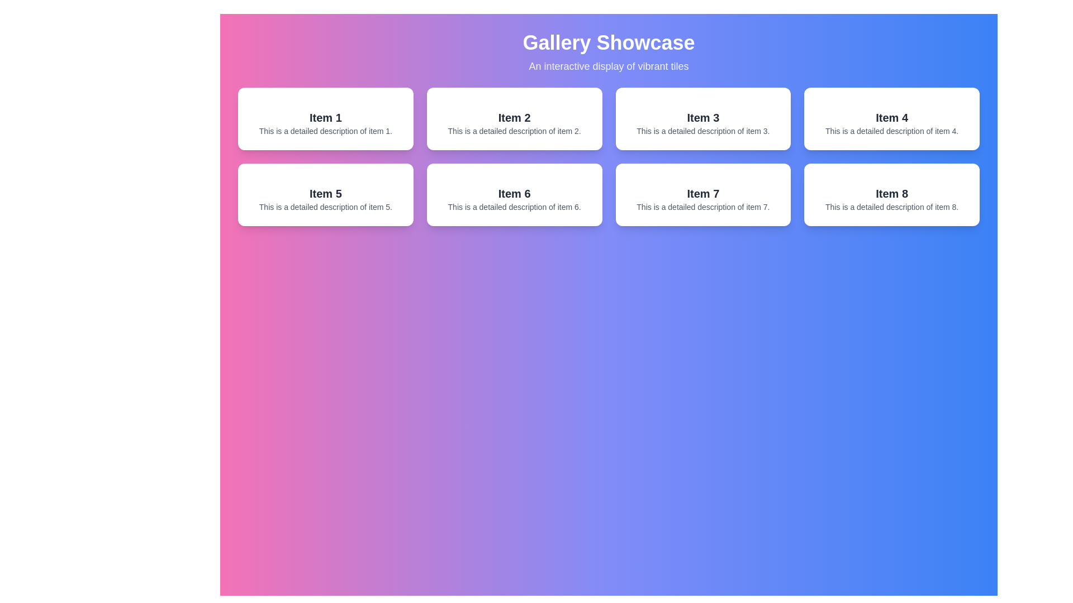  What do you see at coordinates (608, 42) in the screenshot?
I see `the title text label at the top center of the gallery showcase interface, which serves as the main heading of the page` at bounding box center [608, 42].